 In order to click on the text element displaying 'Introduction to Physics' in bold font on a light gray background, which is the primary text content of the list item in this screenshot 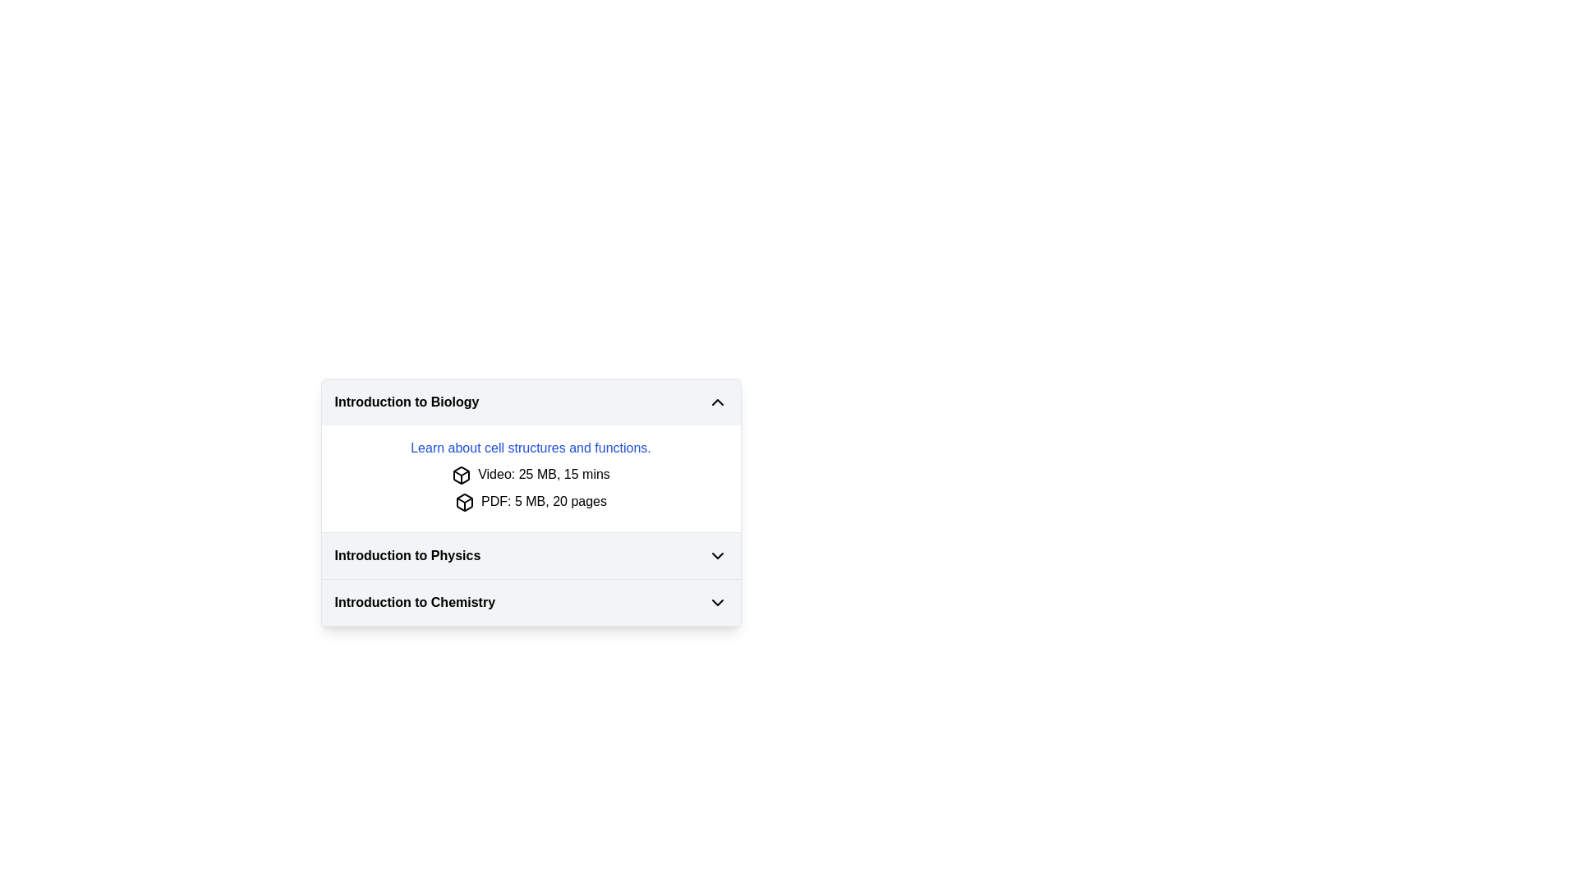, I will do `click(407, 554)`.